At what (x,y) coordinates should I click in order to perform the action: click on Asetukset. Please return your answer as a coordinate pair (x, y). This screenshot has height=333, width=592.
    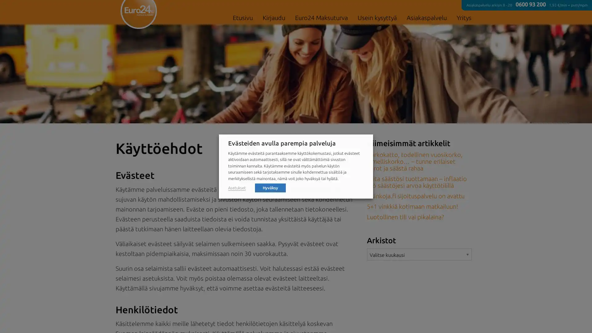
    Looking at the image, I should click on (236, 187).